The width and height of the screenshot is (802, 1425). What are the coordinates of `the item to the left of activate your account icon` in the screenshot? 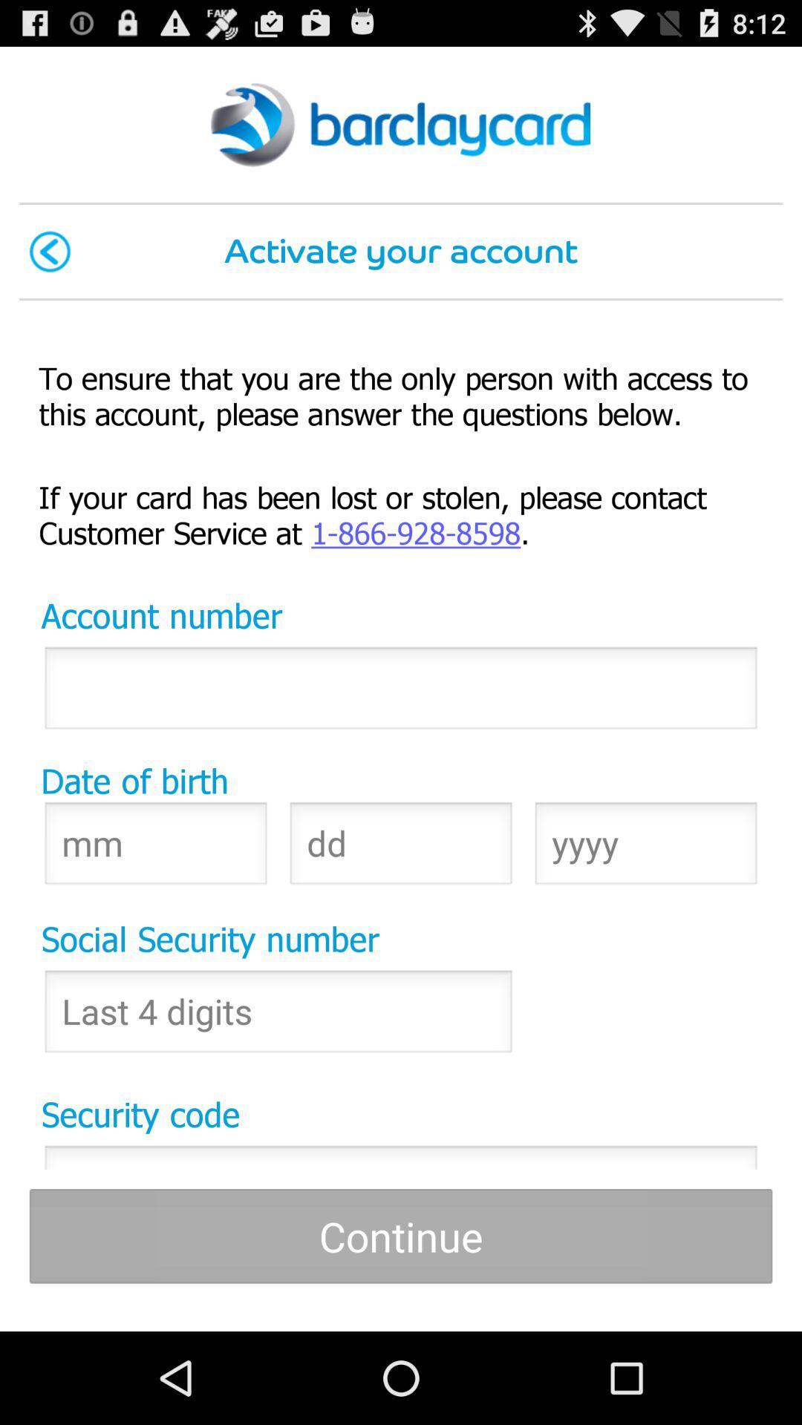 It's located at (49, 252).